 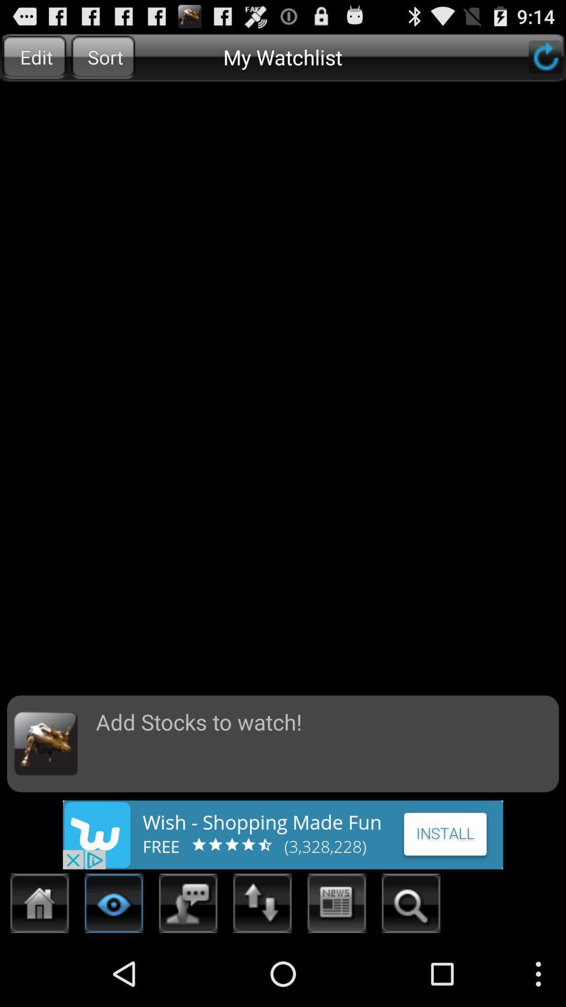 What do you see at coordinates (114, 906) in the screenshot?
I see `click view` at bounding box center [114, 906].